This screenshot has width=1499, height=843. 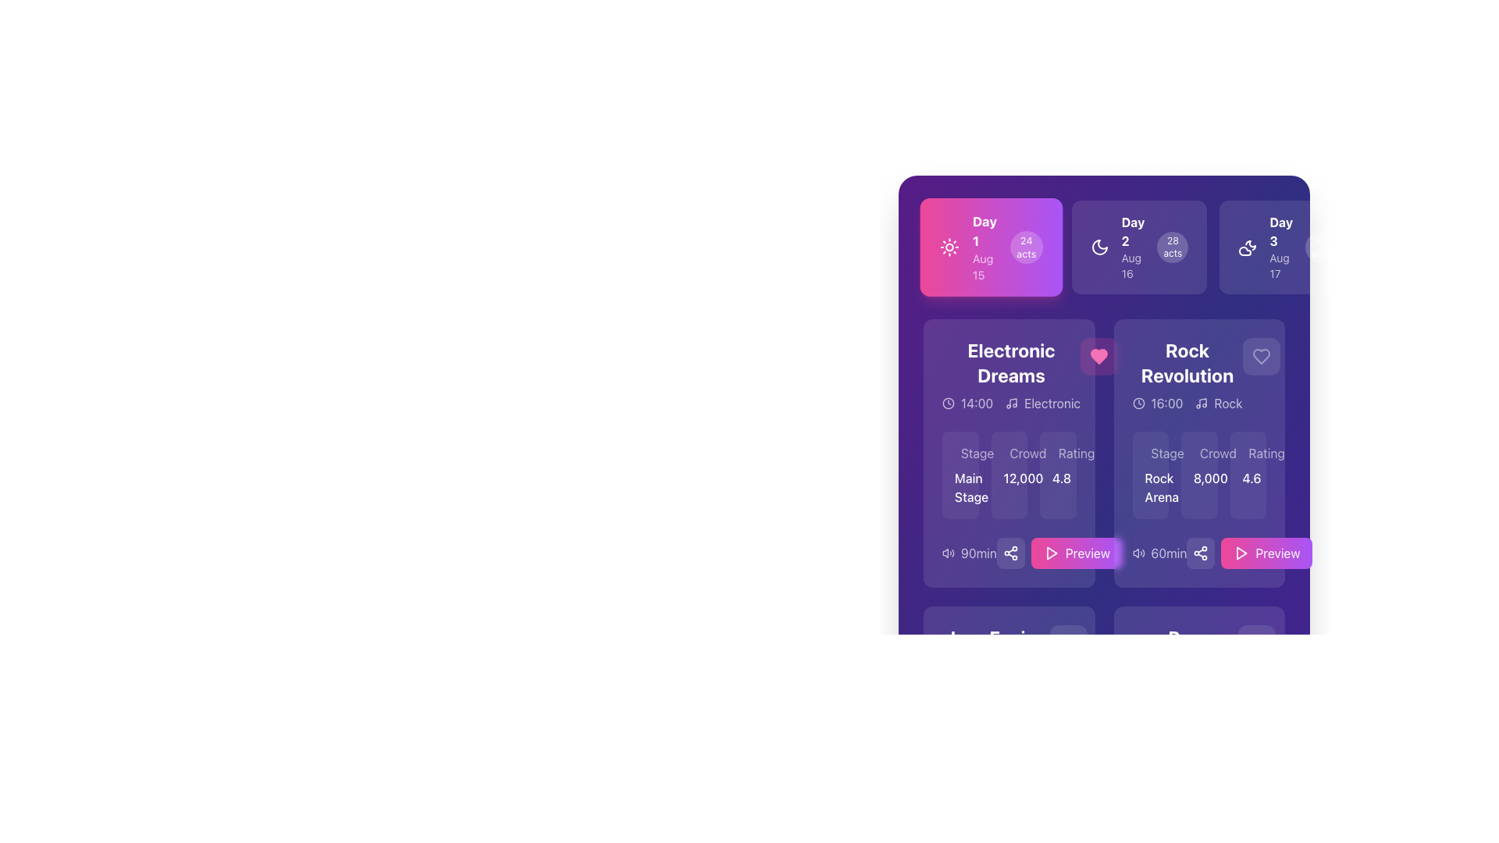 I want to click on the share button located in the bottom row of the 'Electronic Dreams' card, positioned between the duration label and the 'Preview' button, so click(x=1010, y=553).